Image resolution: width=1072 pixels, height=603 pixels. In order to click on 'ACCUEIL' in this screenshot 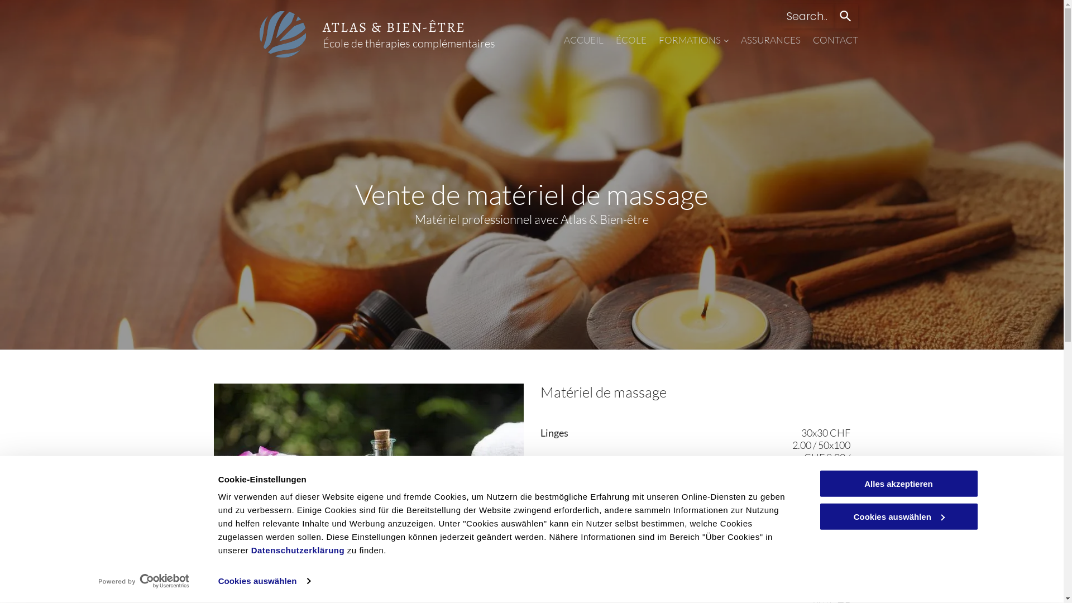, I will do `click(563, 41)`.